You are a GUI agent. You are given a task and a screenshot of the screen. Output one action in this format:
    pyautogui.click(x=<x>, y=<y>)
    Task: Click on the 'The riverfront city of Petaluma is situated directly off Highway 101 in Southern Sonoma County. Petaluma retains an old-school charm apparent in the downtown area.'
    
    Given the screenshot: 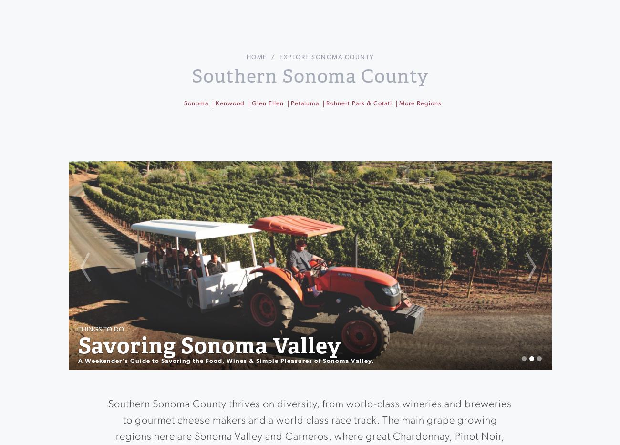 What is the action you would take?
    pyautogui.click(x=313, y=128)
    